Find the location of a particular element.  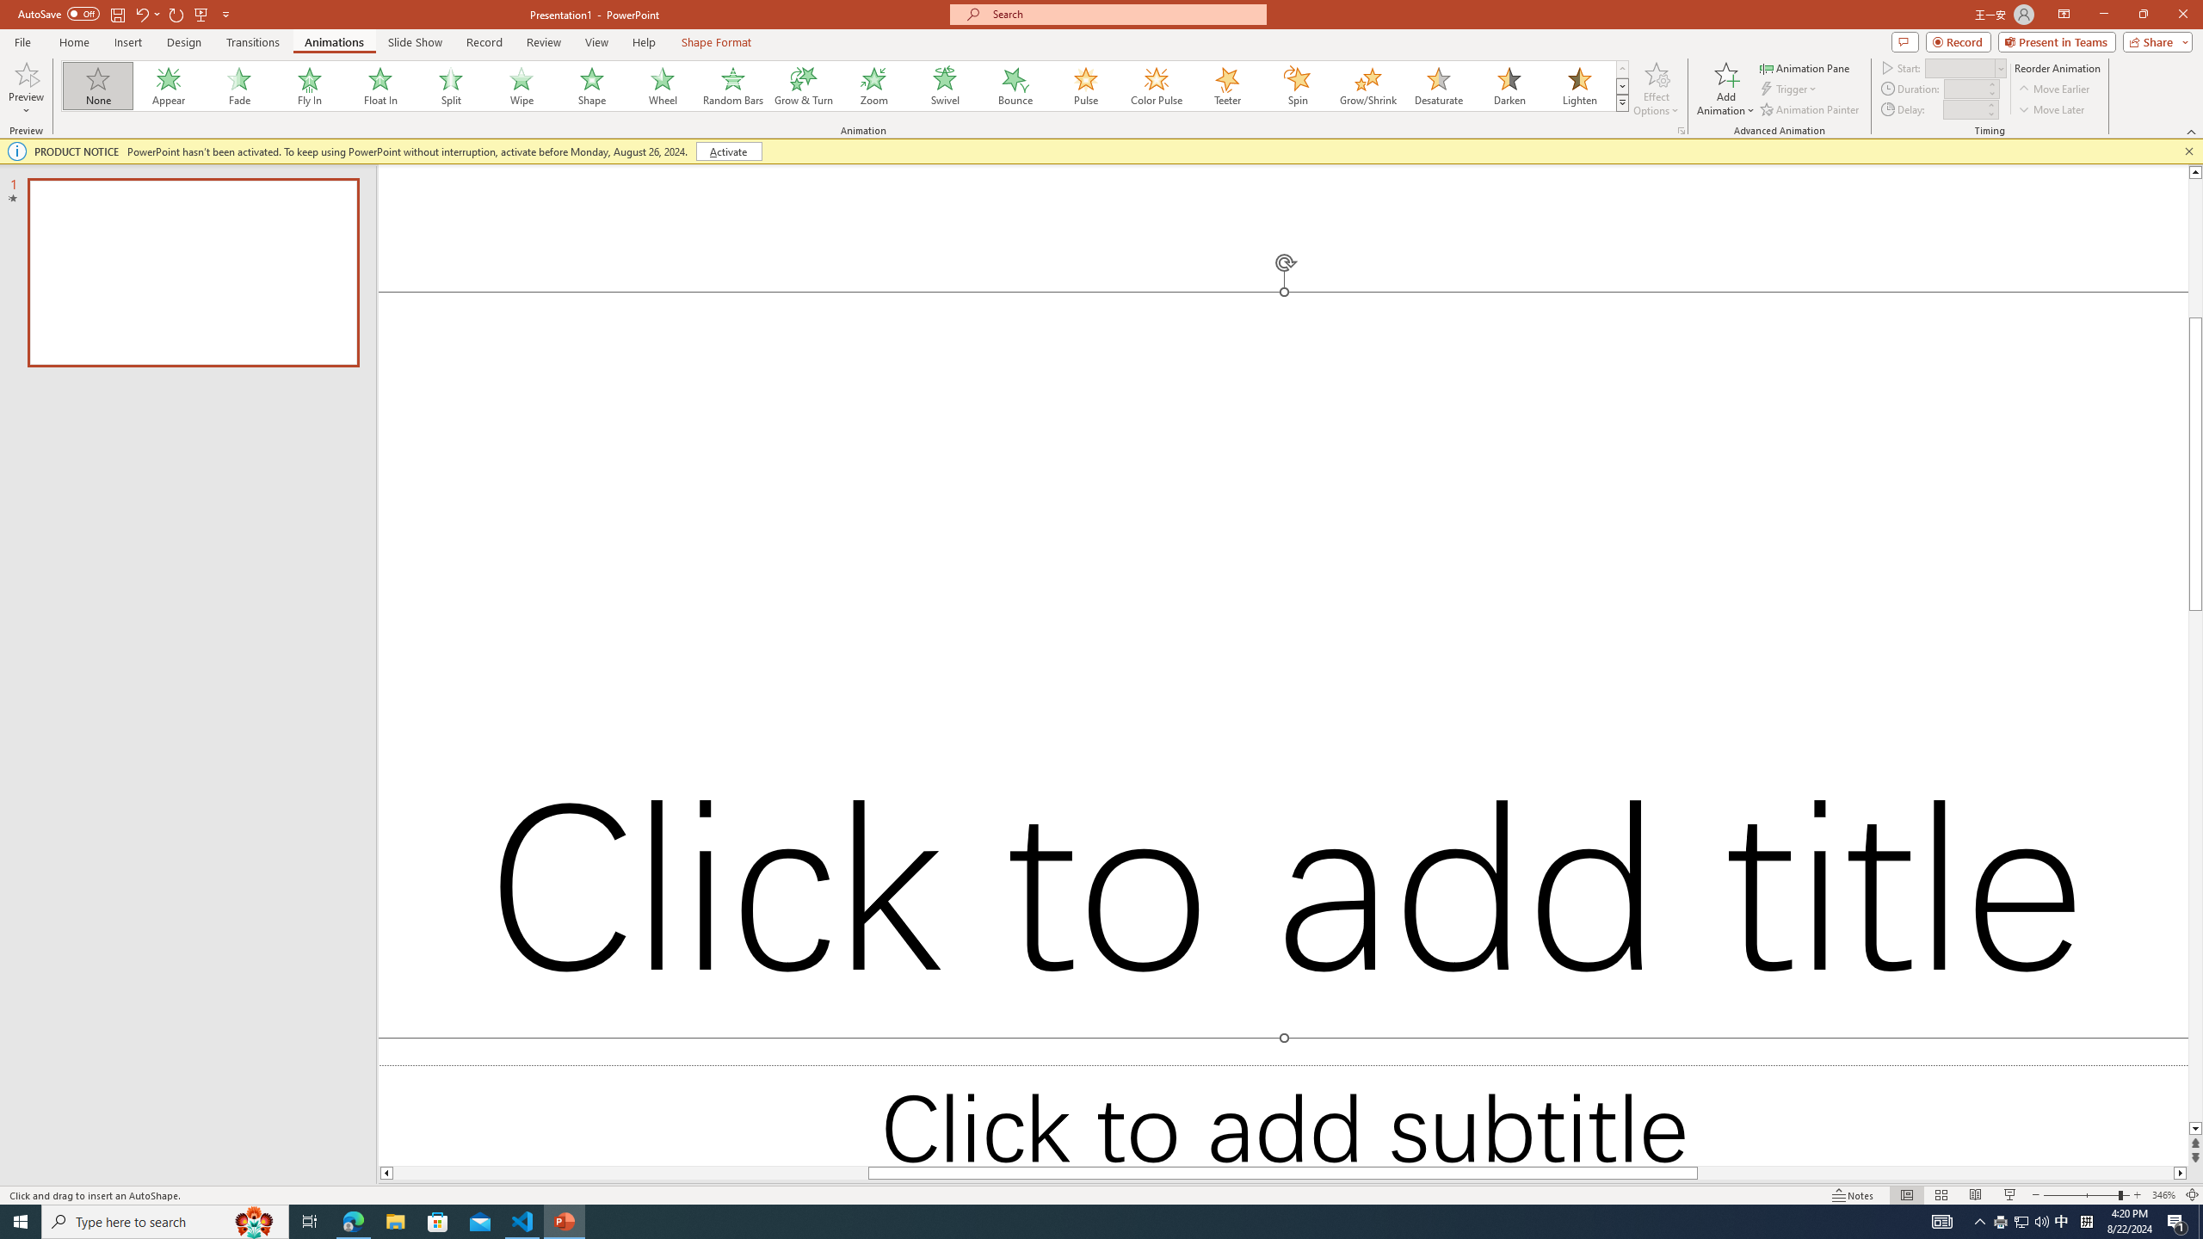

'Spin' is located at coordinates (1297, 85).